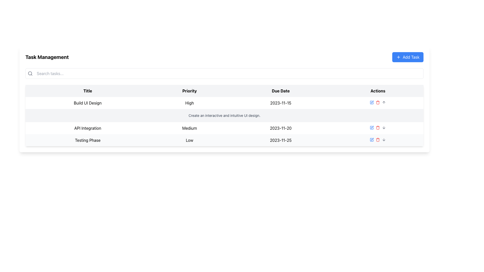  Describe the element at coordinates (378, 128) in the screenshot. I see `the central trashcan icon in the Actions column of the task management table to prepare for deletion of the associated entry` at that location.